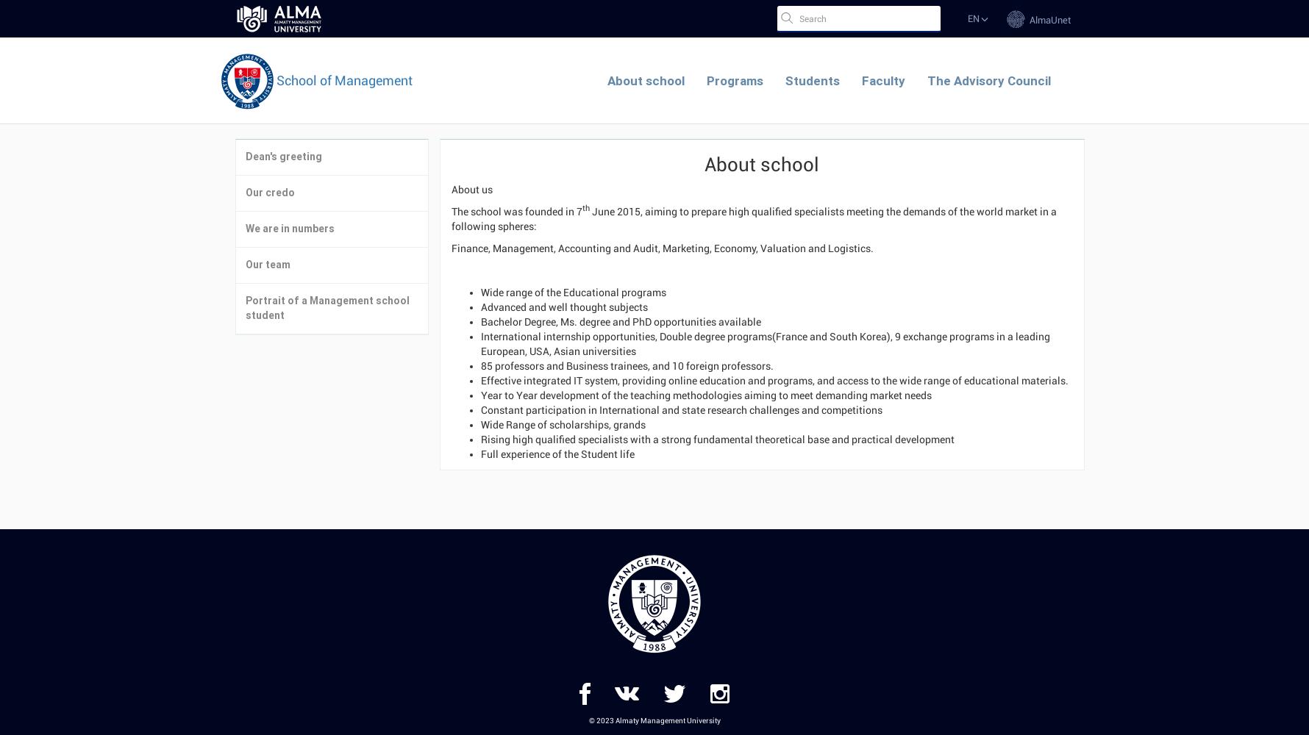 The width and height of the screenshot is (1309, 735). I want to click on 'Constant participation in International and state research challenges and competitions', so click(480, 409).